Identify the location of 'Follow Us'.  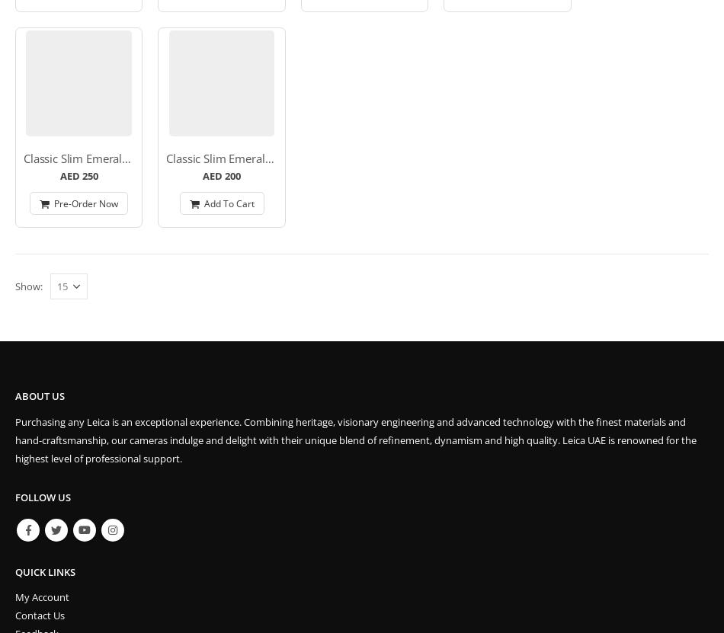
(15, 497).